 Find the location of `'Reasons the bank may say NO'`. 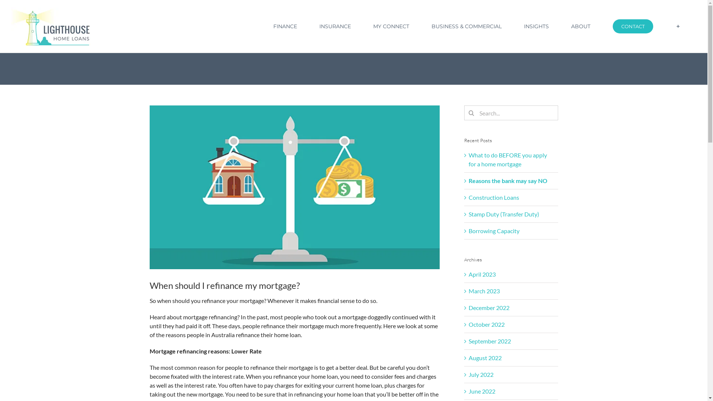

'Reasons the bank may say NO' is located at coordinates (508, 180).